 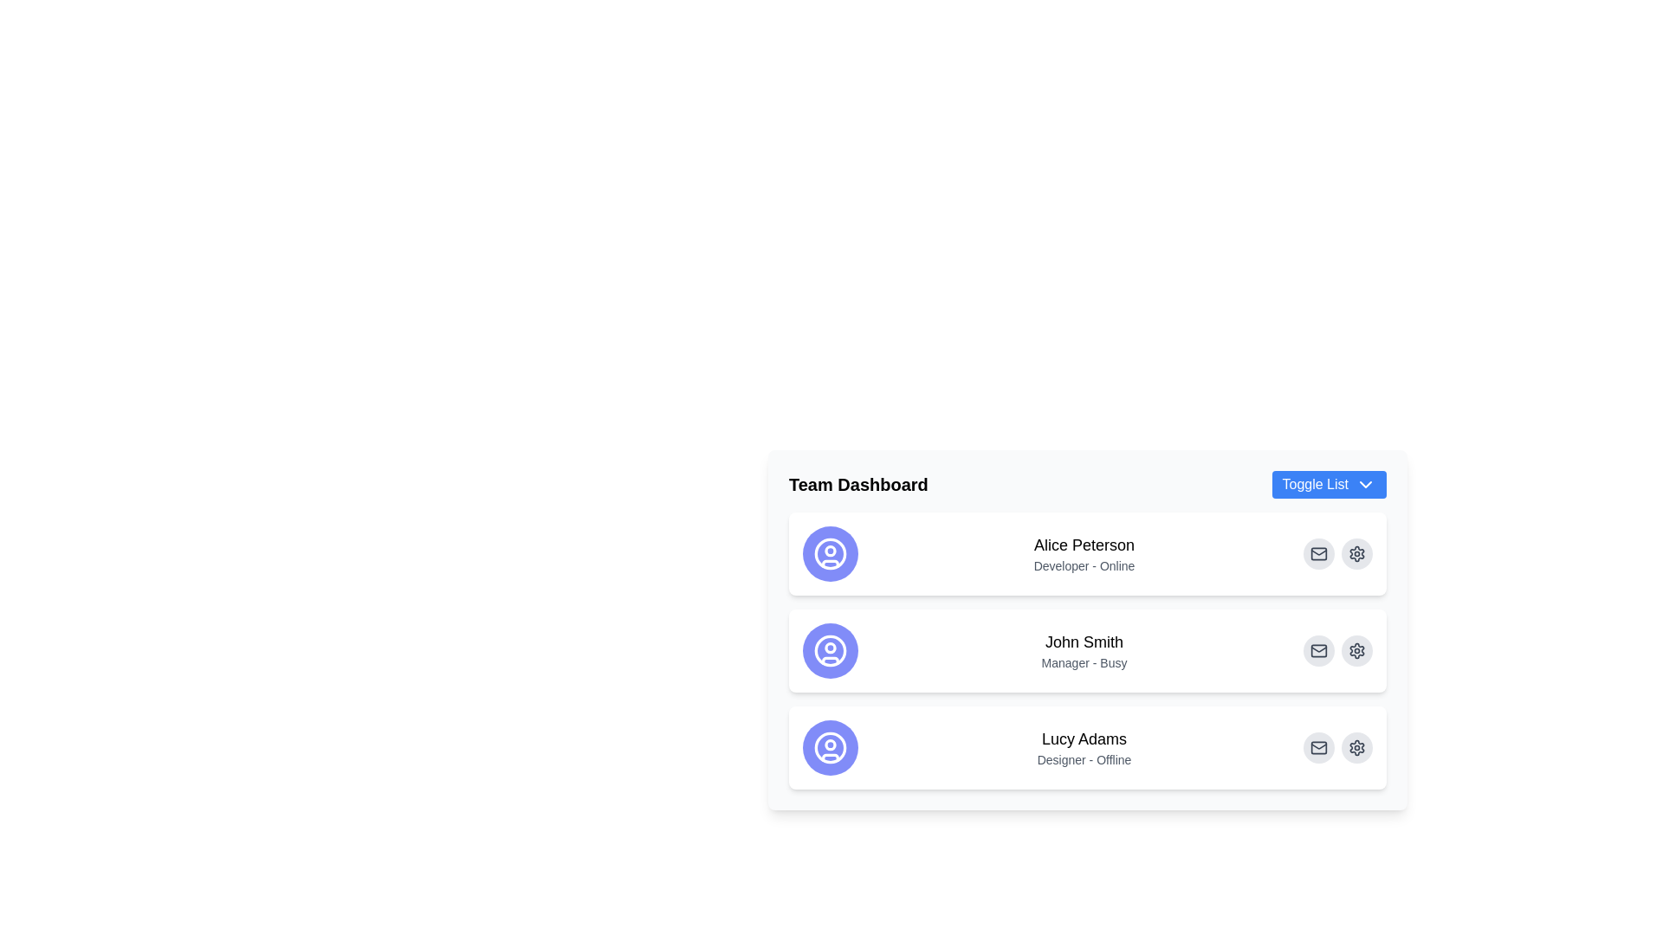 I want to click on the second circular icon representing the user 'John Smith' in the team dashboard user list, so click(x=830, y=651).